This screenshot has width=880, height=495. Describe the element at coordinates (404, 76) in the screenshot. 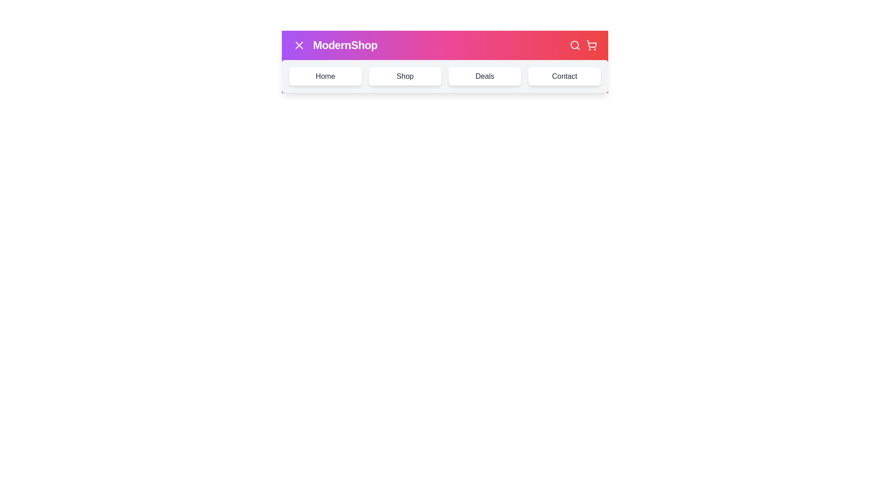

I see `the navigation link labeled Shop` at that location.